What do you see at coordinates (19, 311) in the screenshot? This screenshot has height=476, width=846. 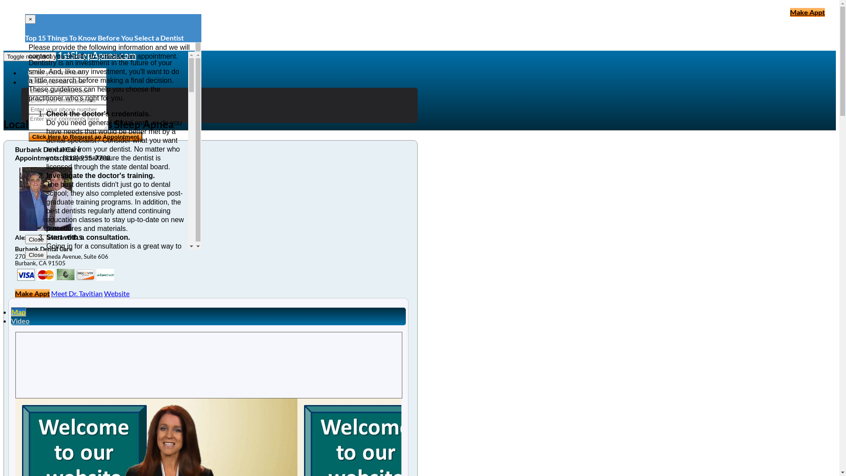 I see `'Map'` at bounding box center [19, 311].